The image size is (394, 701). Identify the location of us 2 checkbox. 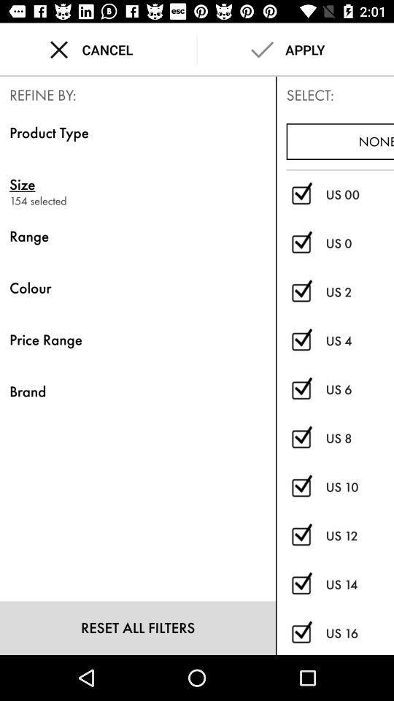
(301, 291).